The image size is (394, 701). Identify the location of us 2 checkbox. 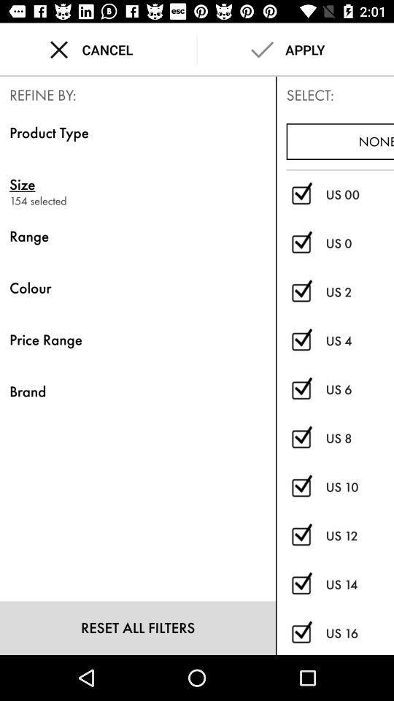
(301, 291).